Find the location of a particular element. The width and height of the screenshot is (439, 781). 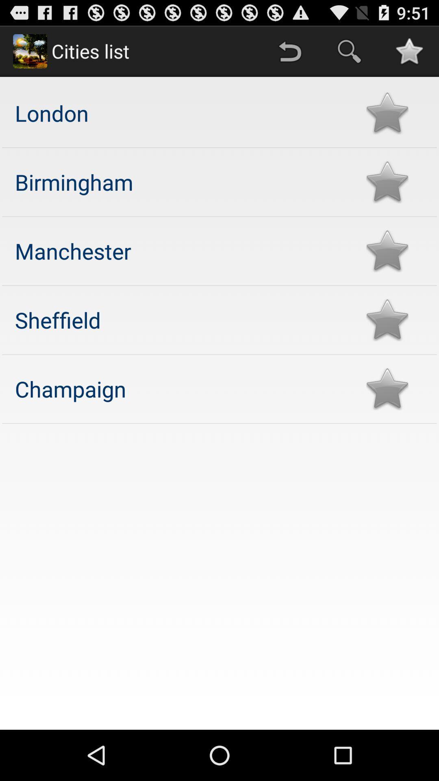

champaign app is located at coordinates (182, 388).